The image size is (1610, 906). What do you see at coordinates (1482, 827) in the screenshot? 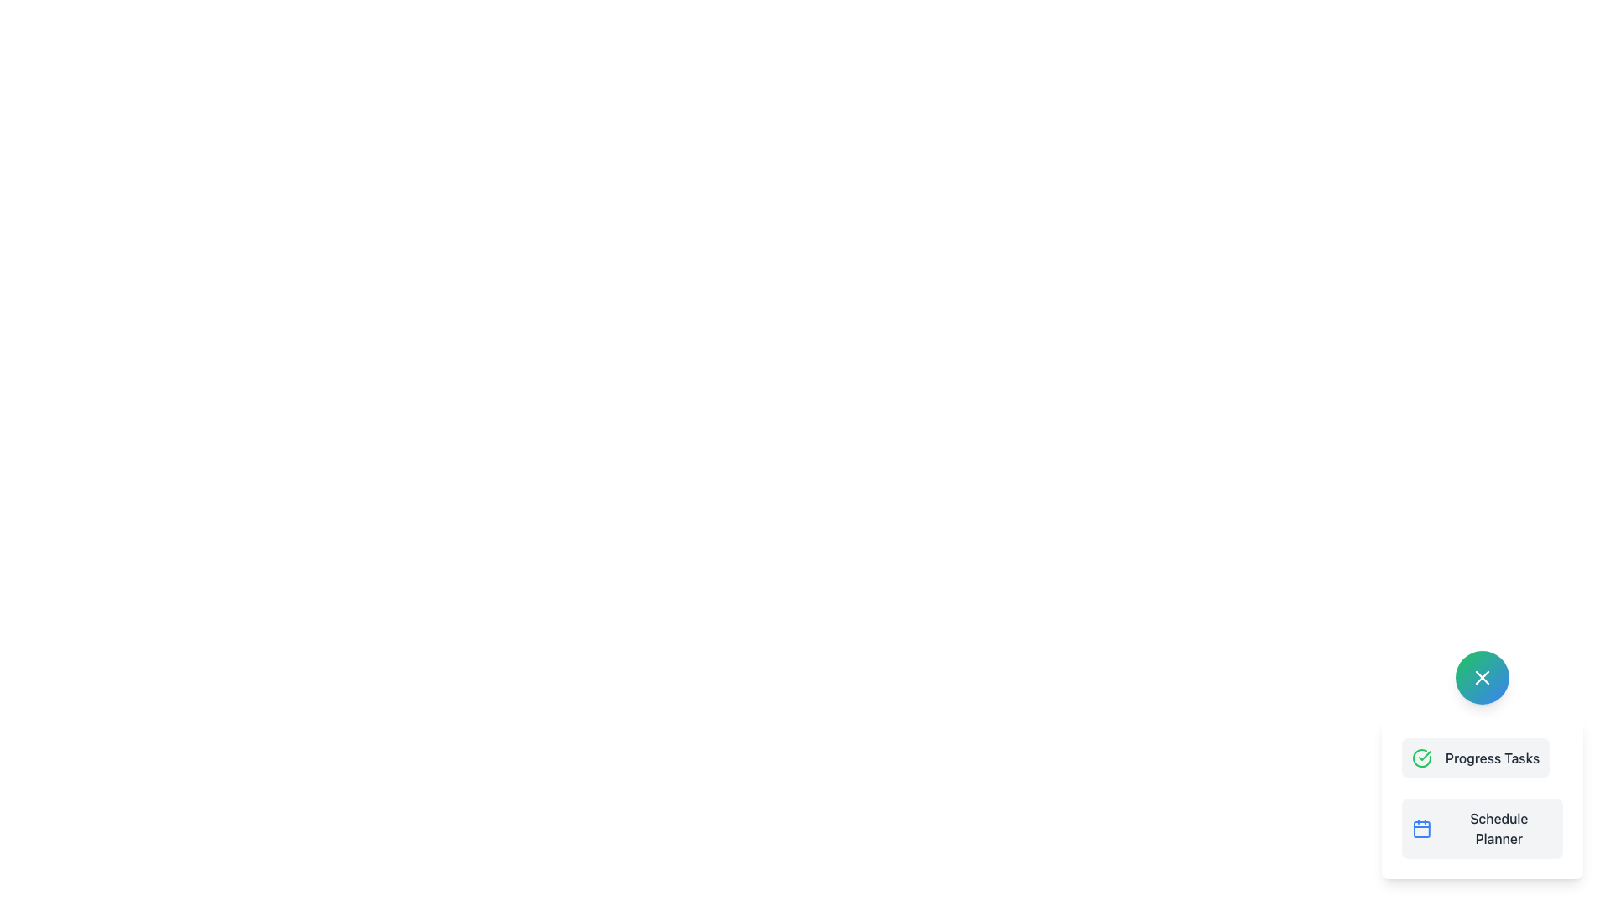
I see `the 'Schedule Planner' button, which is a rectangular button with a light gray background, rounded corners, a blue calendar icon on the left, and bold black text on the right` at bounding box center [1482, 827].